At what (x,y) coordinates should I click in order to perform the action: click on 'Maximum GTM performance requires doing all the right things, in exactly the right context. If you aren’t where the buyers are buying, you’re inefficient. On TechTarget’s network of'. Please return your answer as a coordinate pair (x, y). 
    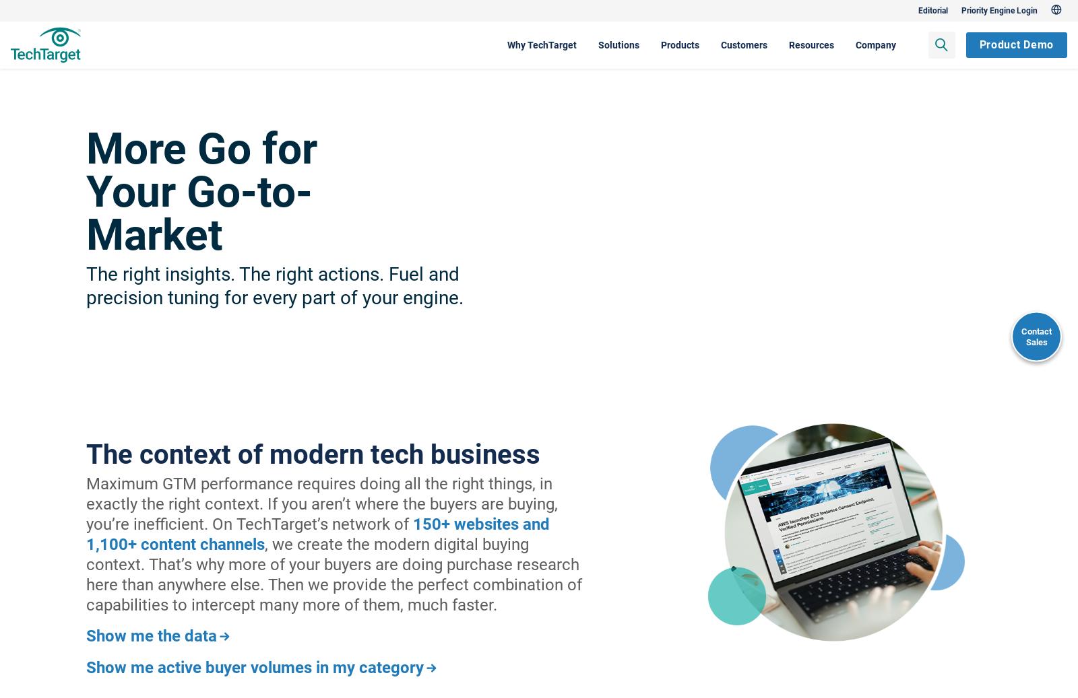
    Looking at the image, I should click on (321, 504).